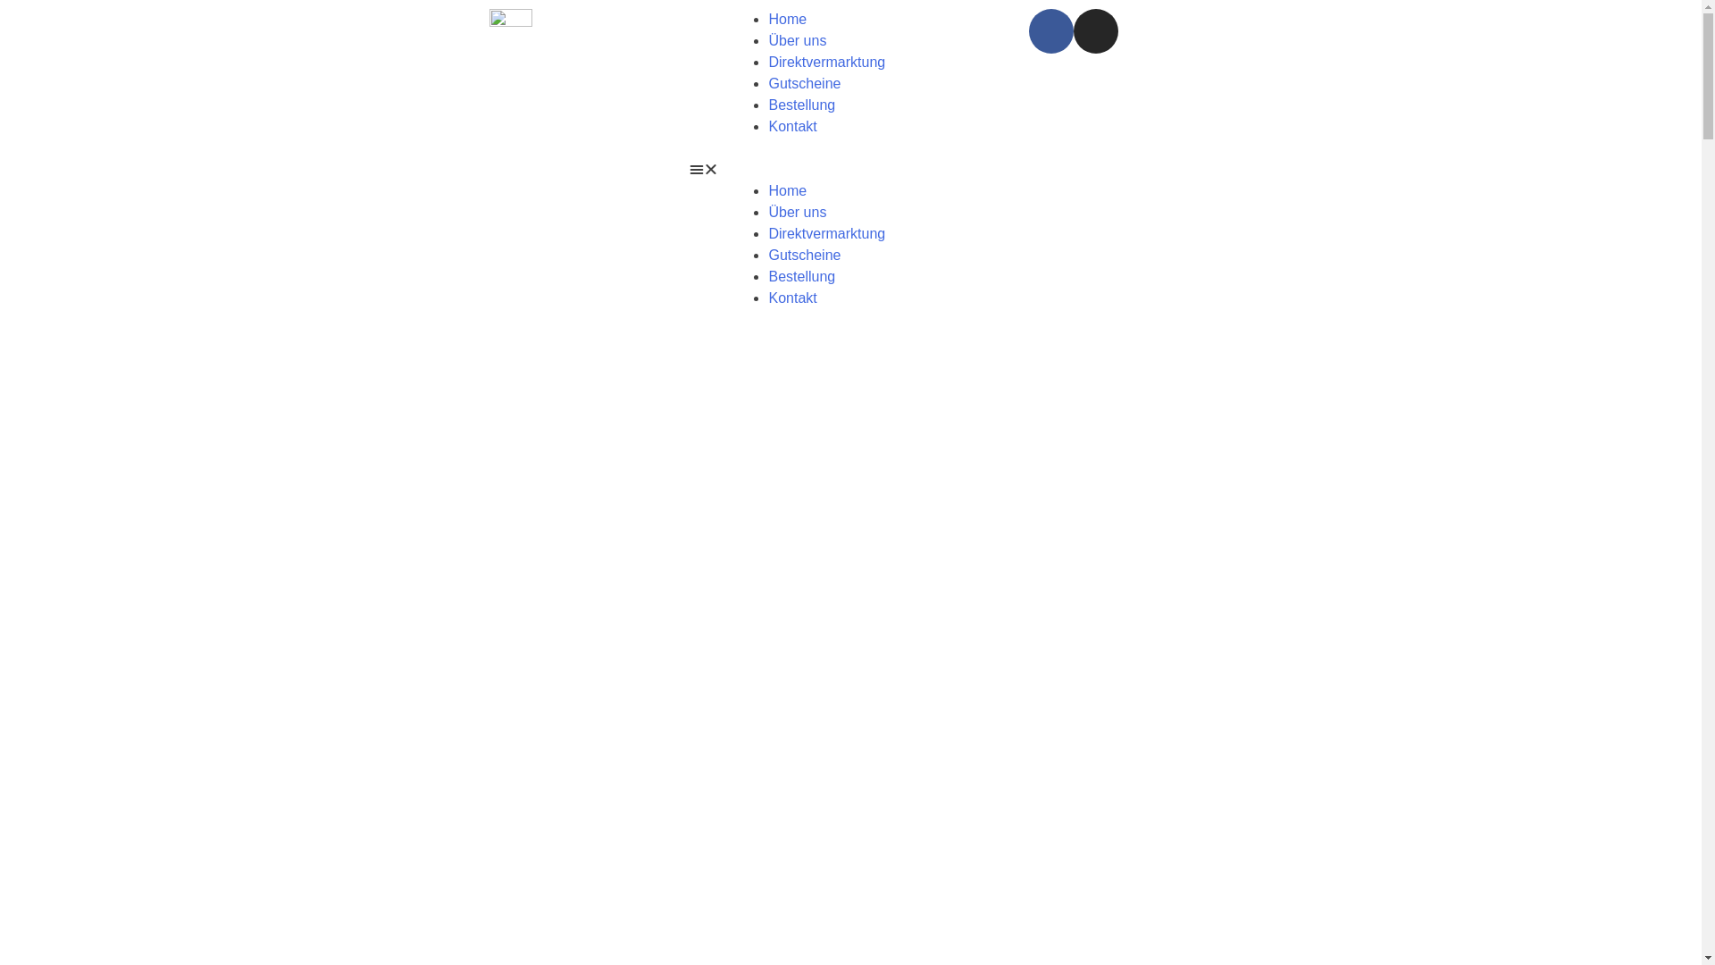  What do you see at coordinates (767, 19) in the screenshot?
I see `'Home'` at bounding box center [767, 19].